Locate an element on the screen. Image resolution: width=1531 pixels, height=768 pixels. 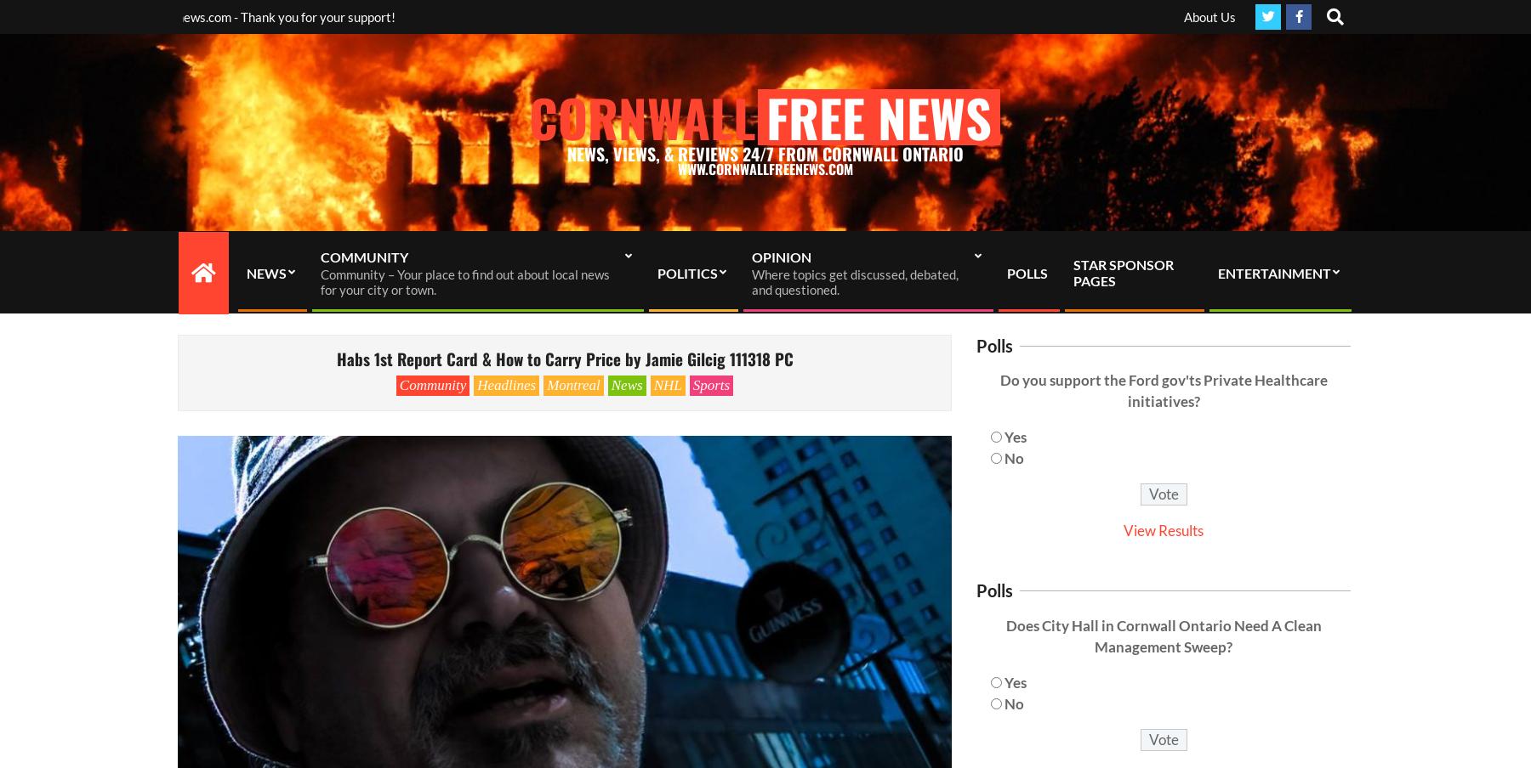
'NEWS, VIEWS, & REVIEWS 24/7 FROM CORNWALL ONTARIO' is located at coordinates (765, 153).